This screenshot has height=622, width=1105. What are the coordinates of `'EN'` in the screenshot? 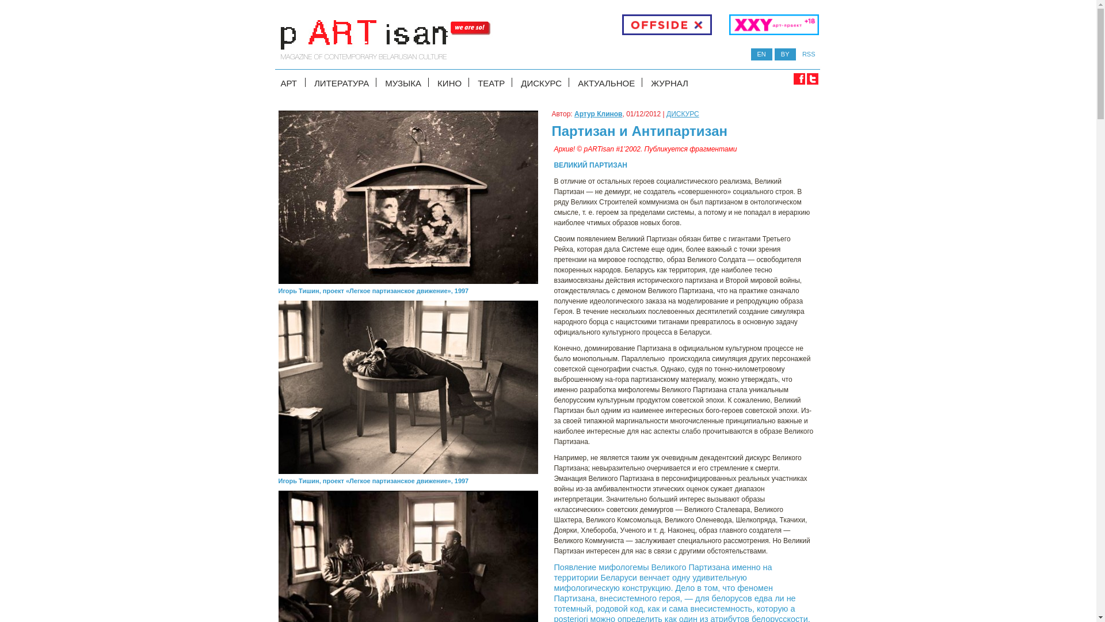 It's located at (761, 54).